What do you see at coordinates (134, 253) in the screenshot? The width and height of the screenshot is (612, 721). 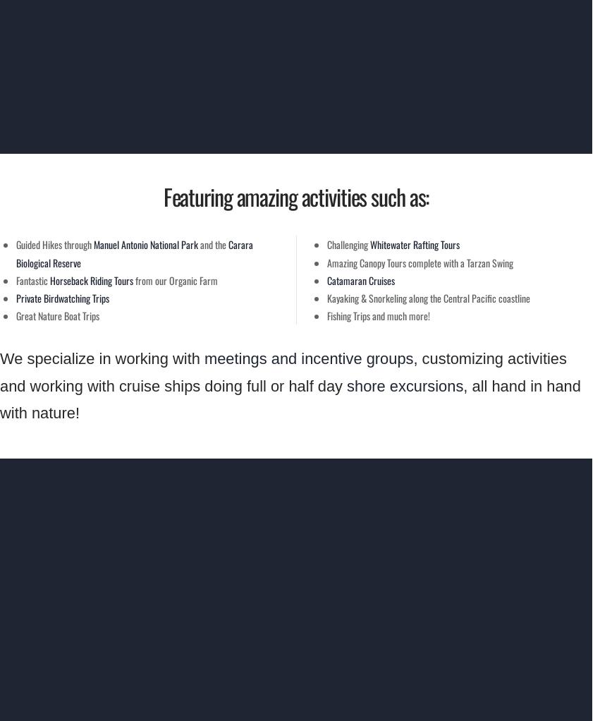 I see `'Carara Biological Reserve'` at bounding box center [134, 253].